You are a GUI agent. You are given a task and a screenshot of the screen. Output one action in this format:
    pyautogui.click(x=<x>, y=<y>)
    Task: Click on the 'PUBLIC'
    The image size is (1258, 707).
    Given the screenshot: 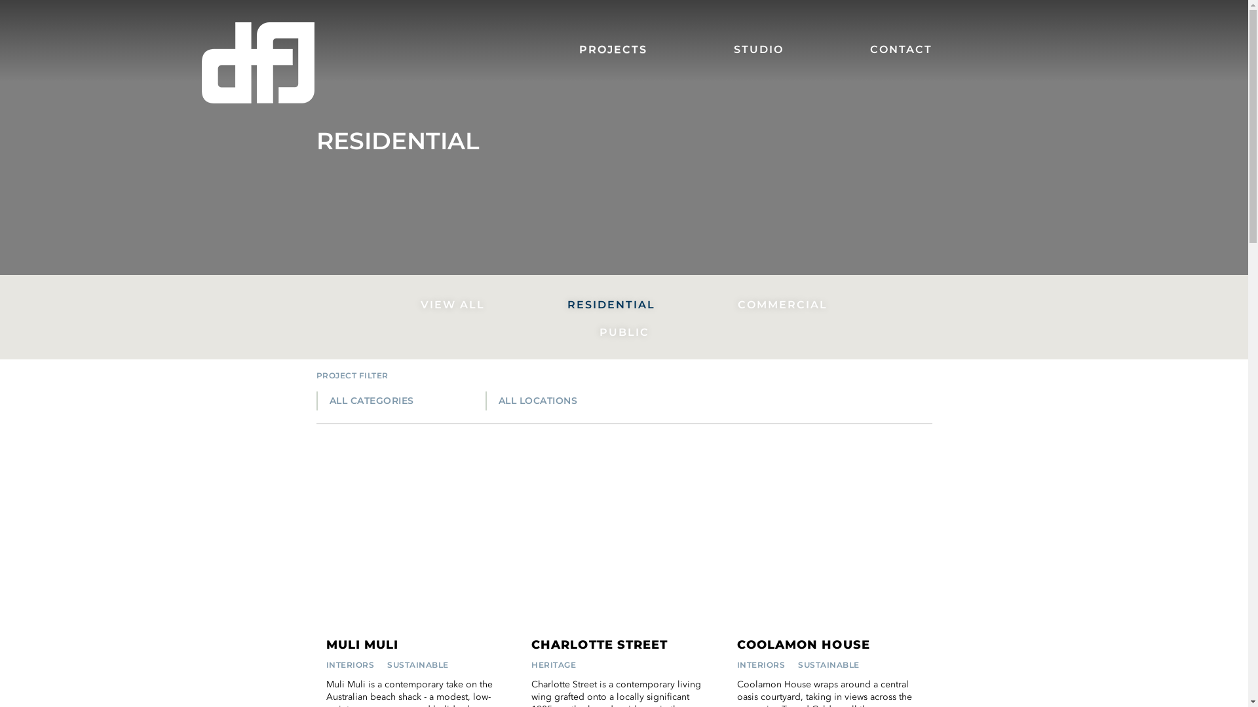 What is the action you would take?
    pyautogui.click(x=624, y=332)
    